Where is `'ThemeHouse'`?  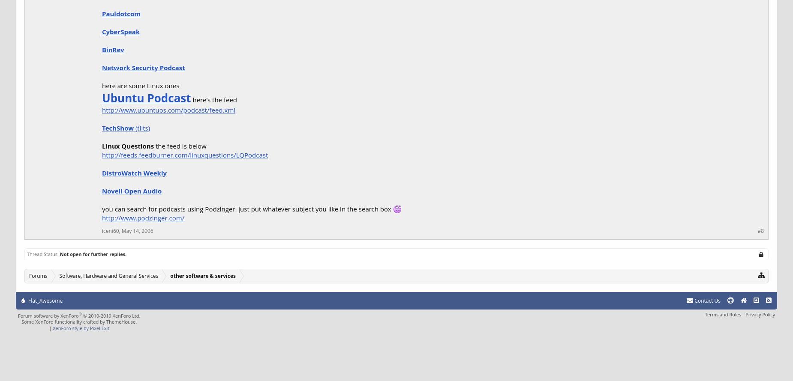 'ThemeHouse' is located at coordinates (120, 321).